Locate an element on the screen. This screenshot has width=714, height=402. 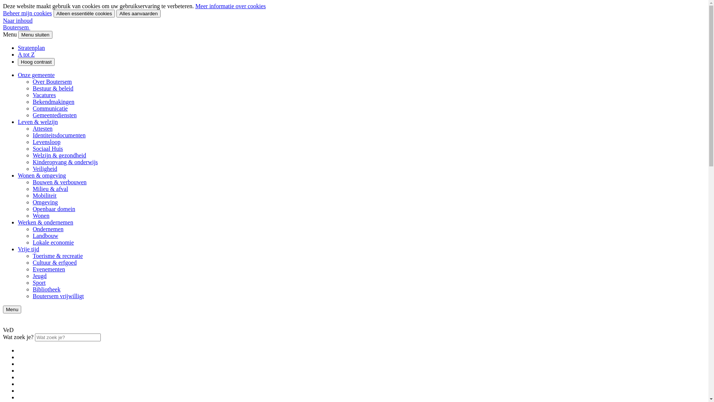
'Naar inhoud' is located at coordinates (18, 20).